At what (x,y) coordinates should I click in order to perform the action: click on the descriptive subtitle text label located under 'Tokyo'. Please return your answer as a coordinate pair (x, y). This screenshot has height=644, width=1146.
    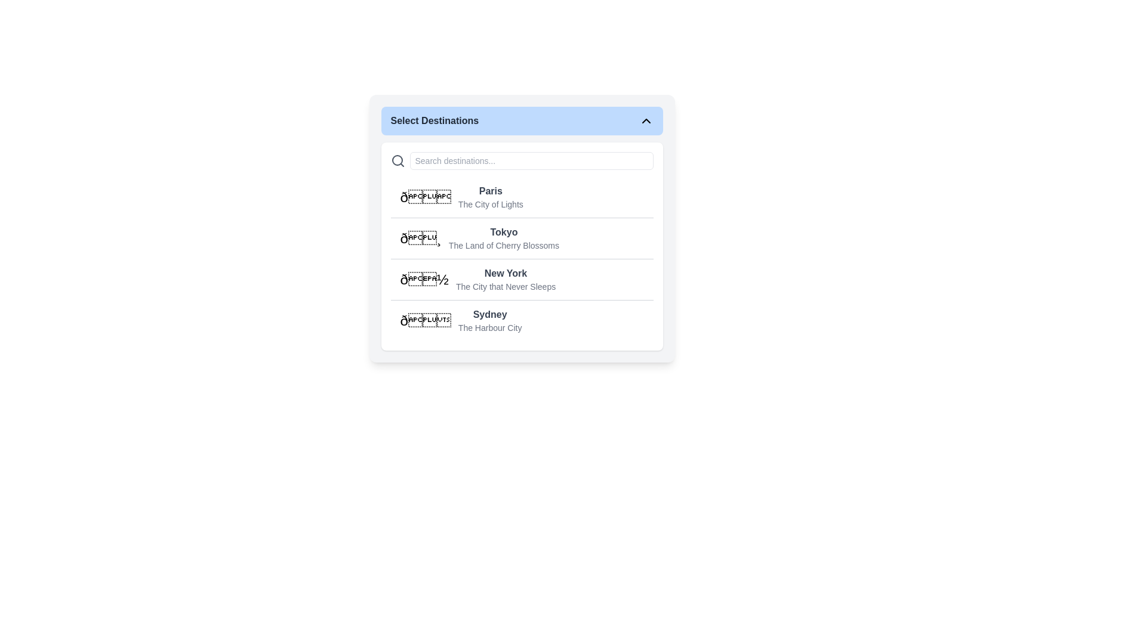
    Looking at the image, I should click on (504, 245).